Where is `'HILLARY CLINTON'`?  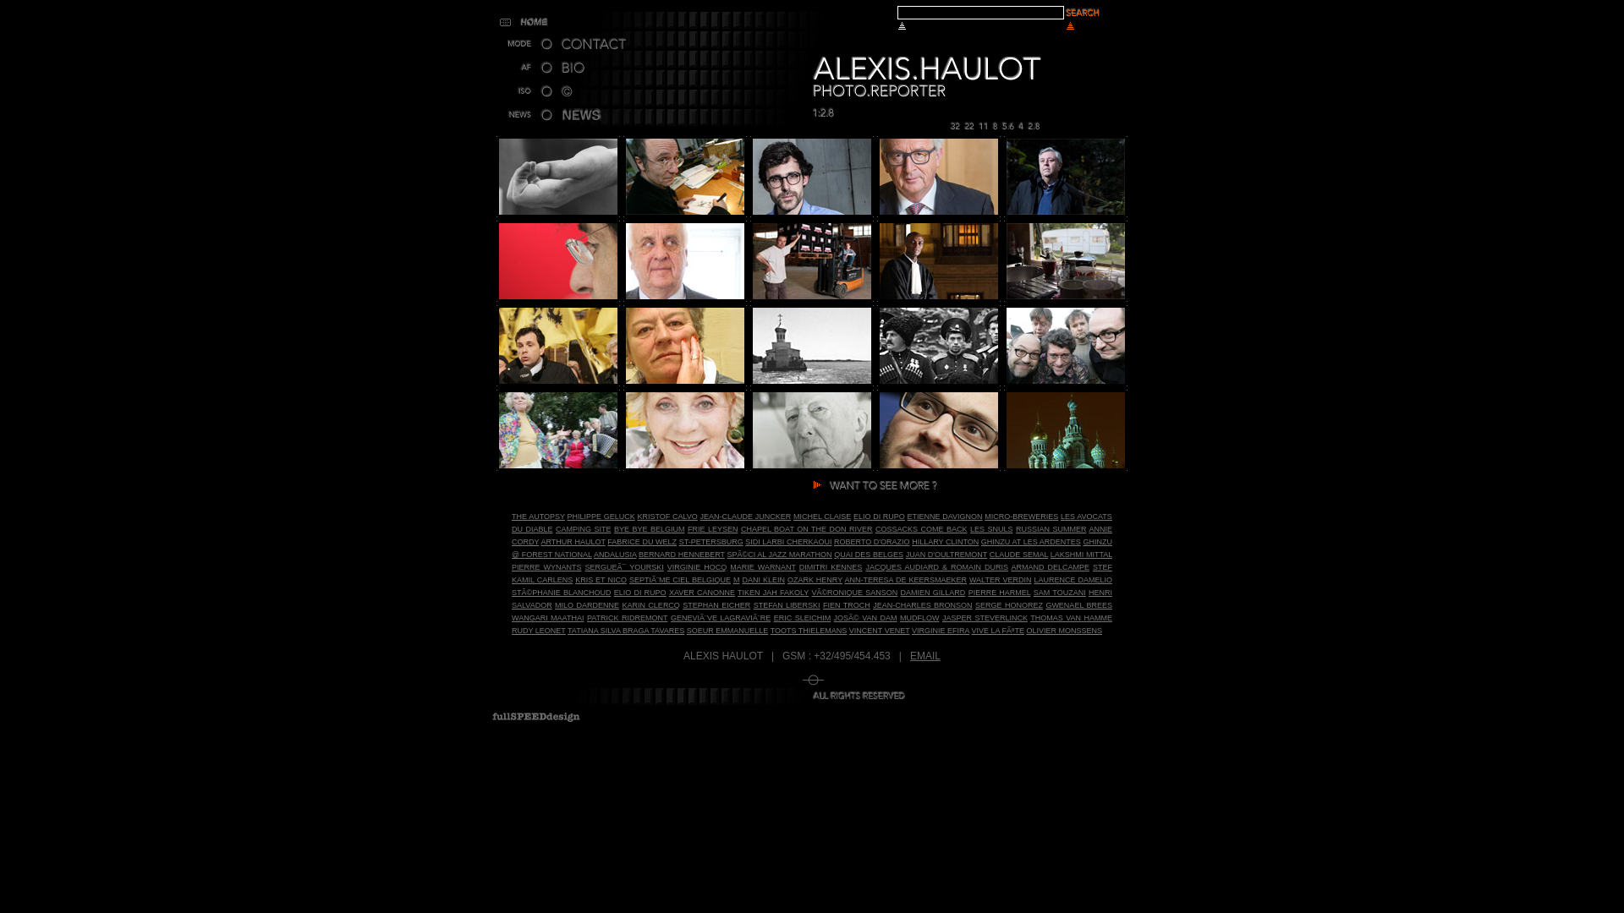 'HILLARY CLINTON' is located at coordinates (911, 541).